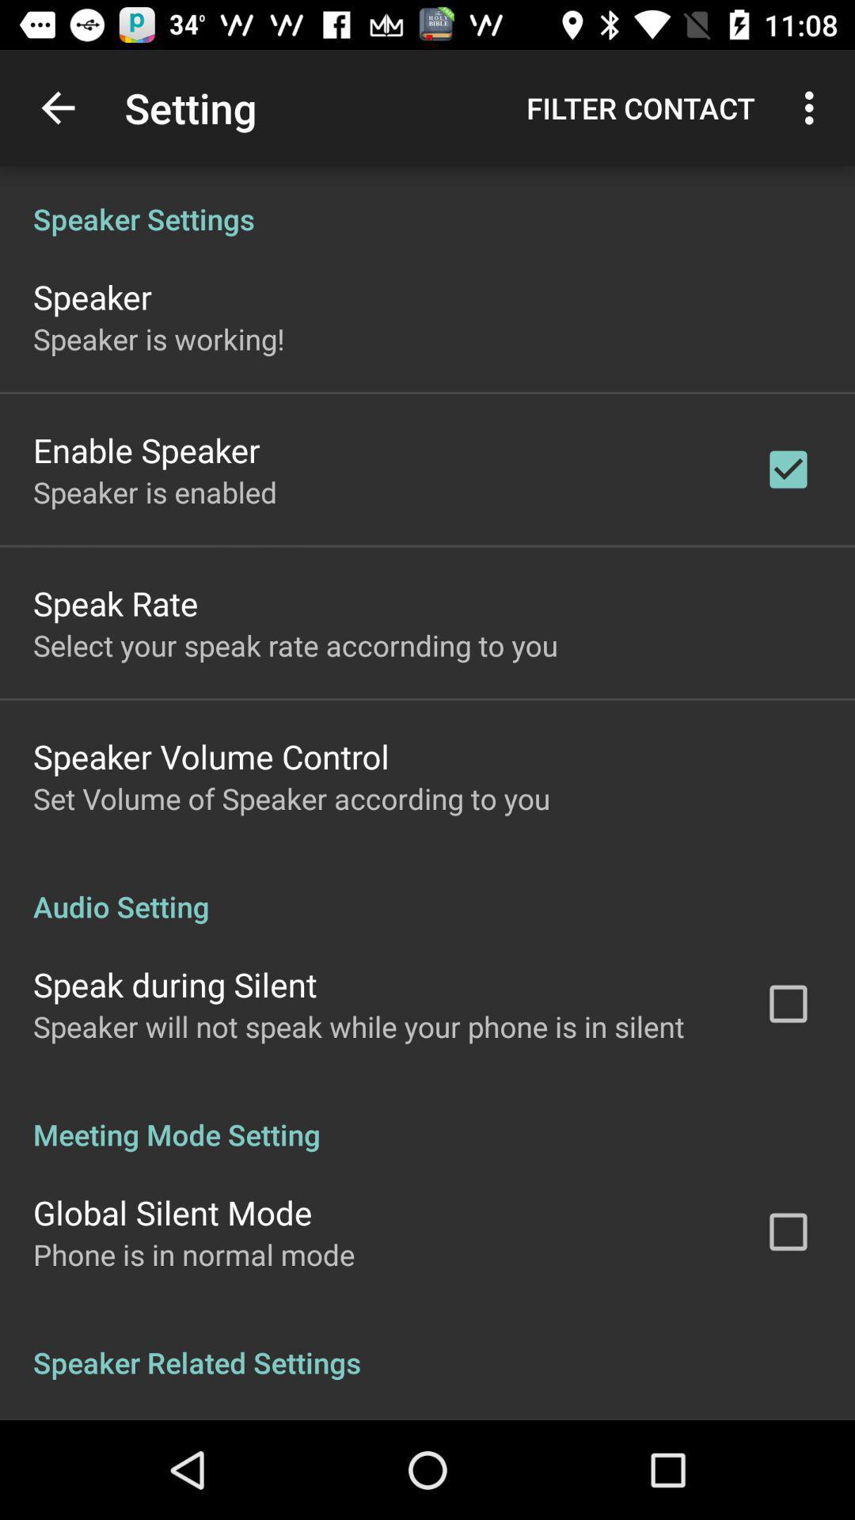  I want to click on check box which is beside speak during silent, so click(788, 1002).